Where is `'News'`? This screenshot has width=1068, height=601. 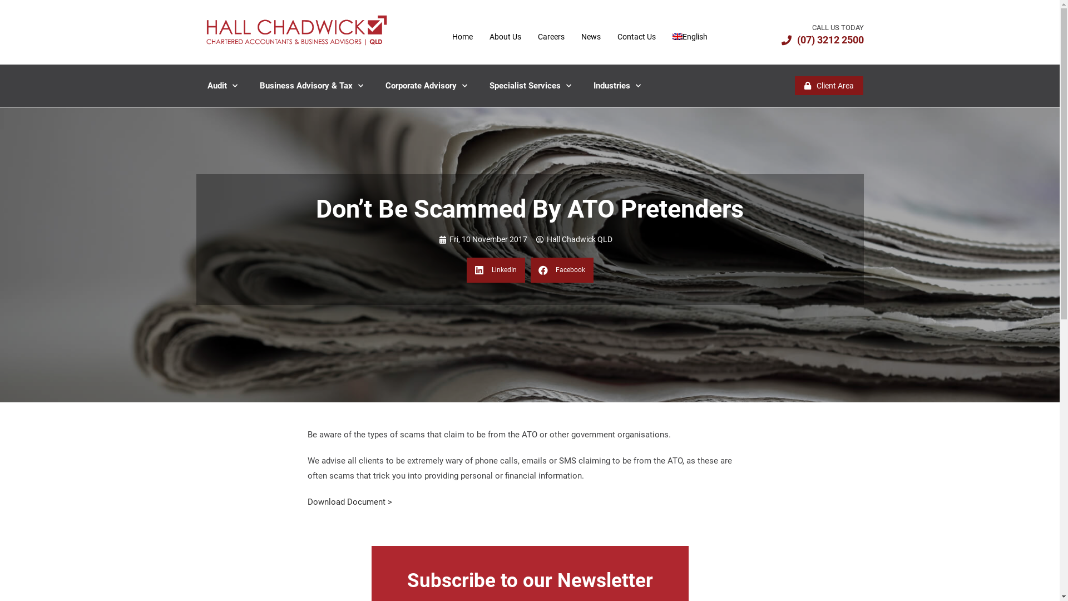
'News' is located at coordinates (590, 36).